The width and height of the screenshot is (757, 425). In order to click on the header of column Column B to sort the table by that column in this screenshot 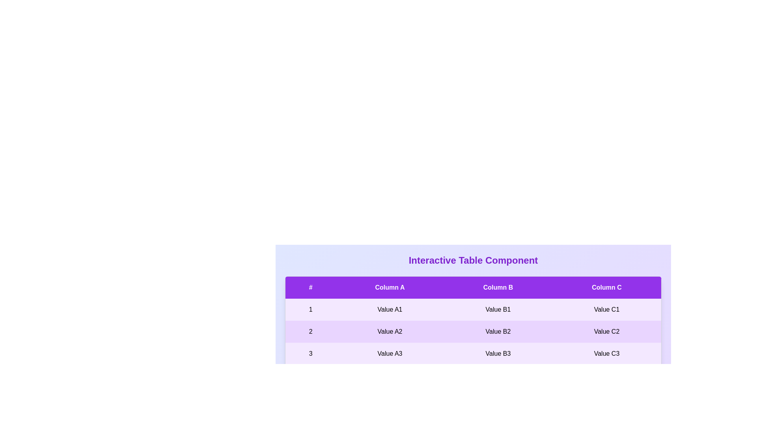, I will do `click(498, 287)`.